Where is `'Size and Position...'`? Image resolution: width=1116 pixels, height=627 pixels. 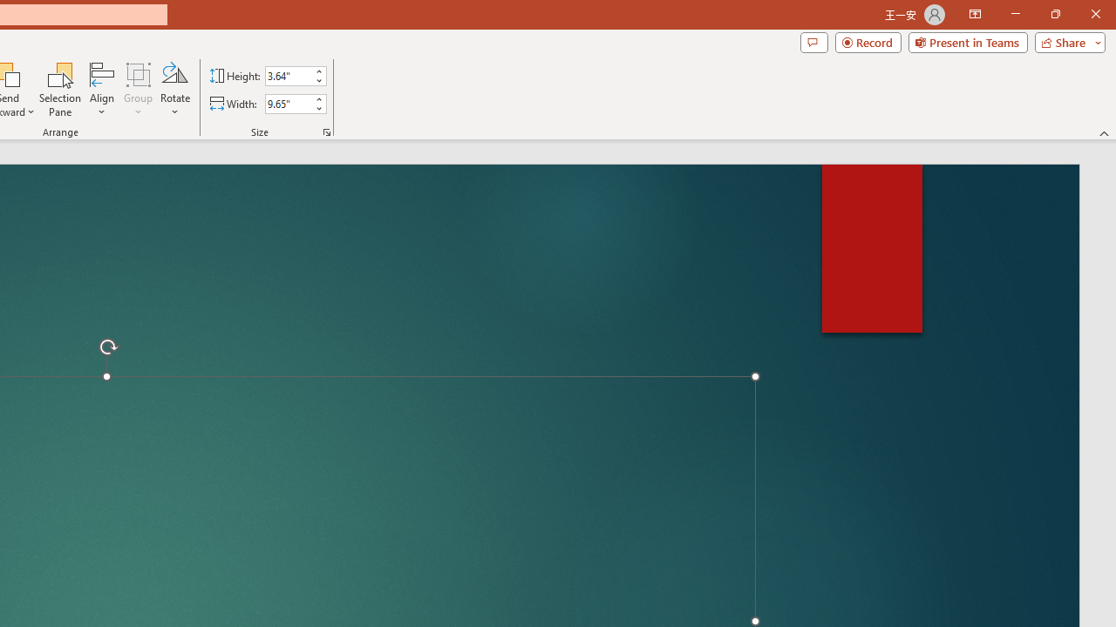 'Size and Position...' is located at coordinates (327, 131).